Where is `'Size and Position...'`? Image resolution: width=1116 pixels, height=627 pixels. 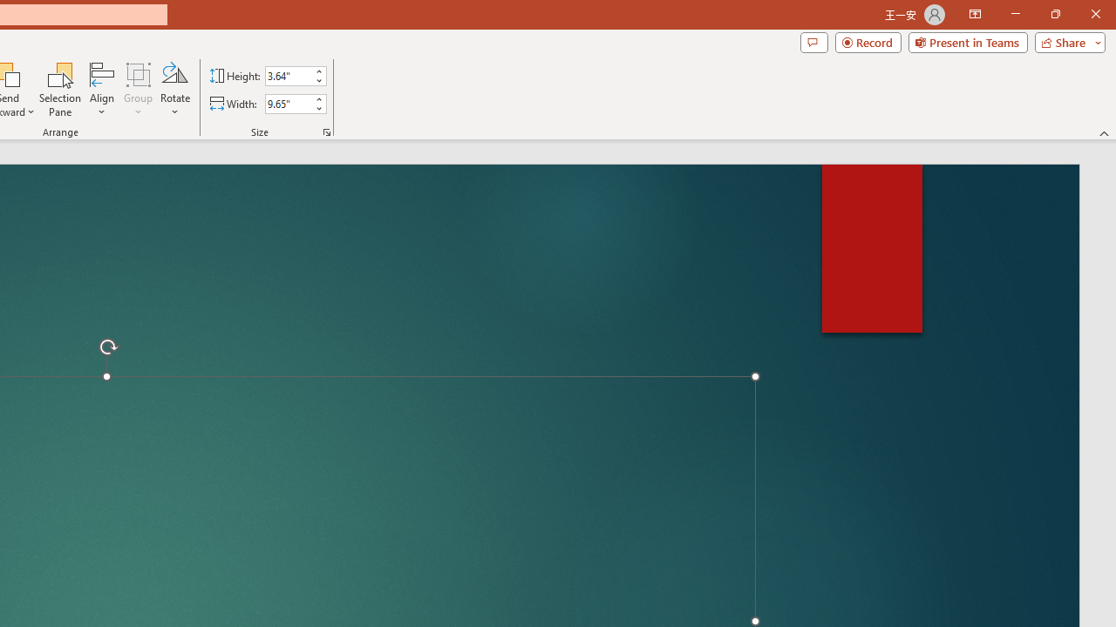 'Size and Position...' is located at coordinates (327, 131).